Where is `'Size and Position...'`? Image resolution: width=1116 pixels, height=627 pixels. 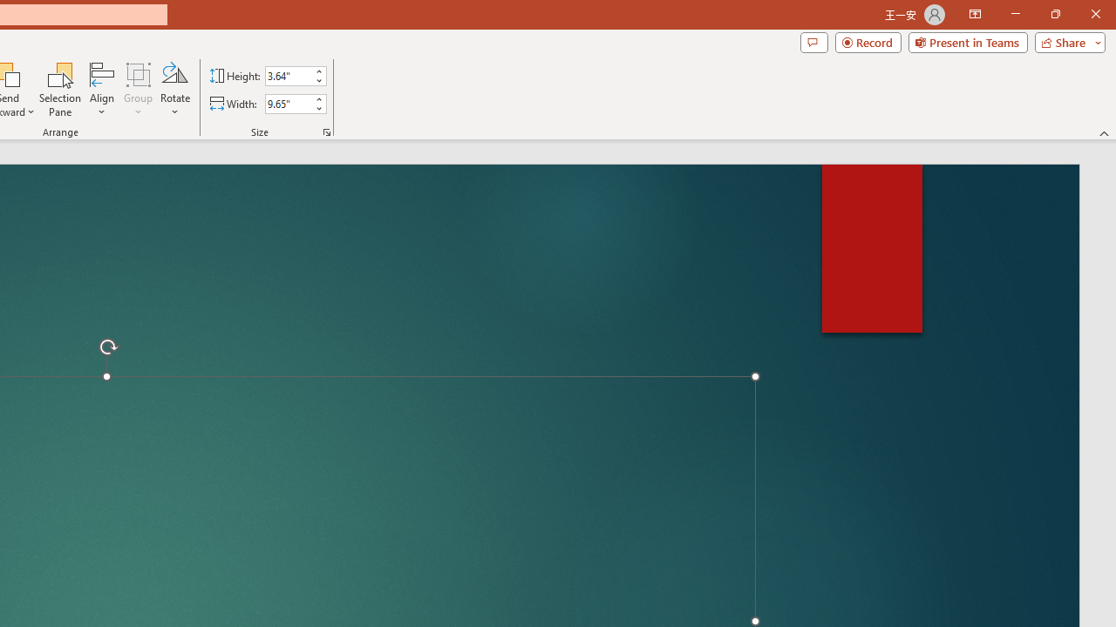 'Size and Position...' is located at coordinates (327, 131).